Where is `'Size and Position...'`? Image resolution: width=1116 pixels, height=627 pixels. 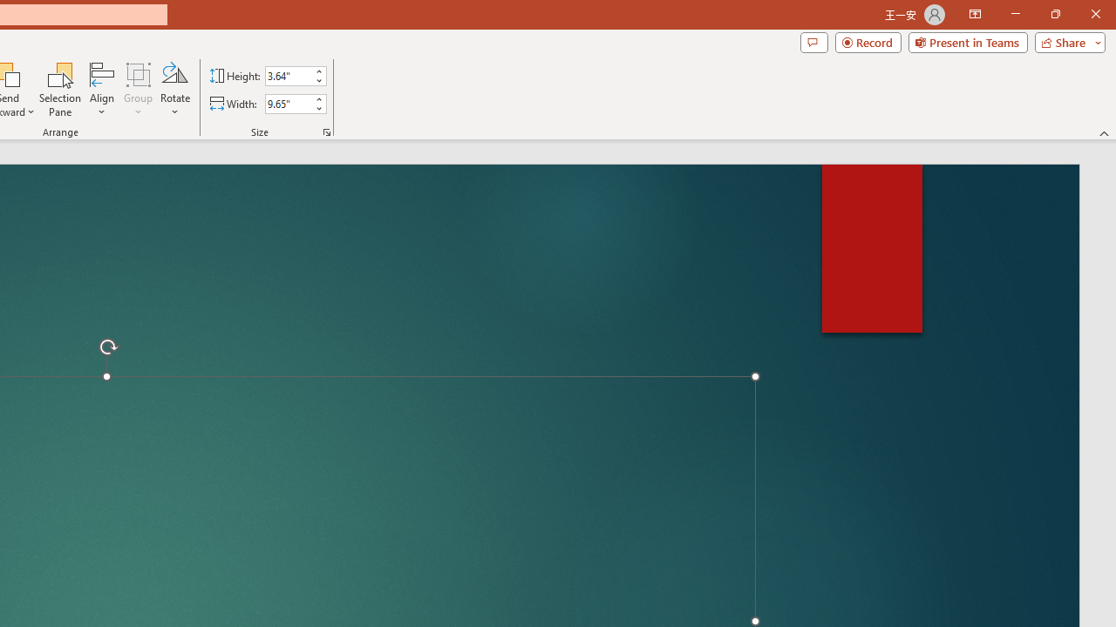 'Size and Position...' is located at coordinates (327, 131).